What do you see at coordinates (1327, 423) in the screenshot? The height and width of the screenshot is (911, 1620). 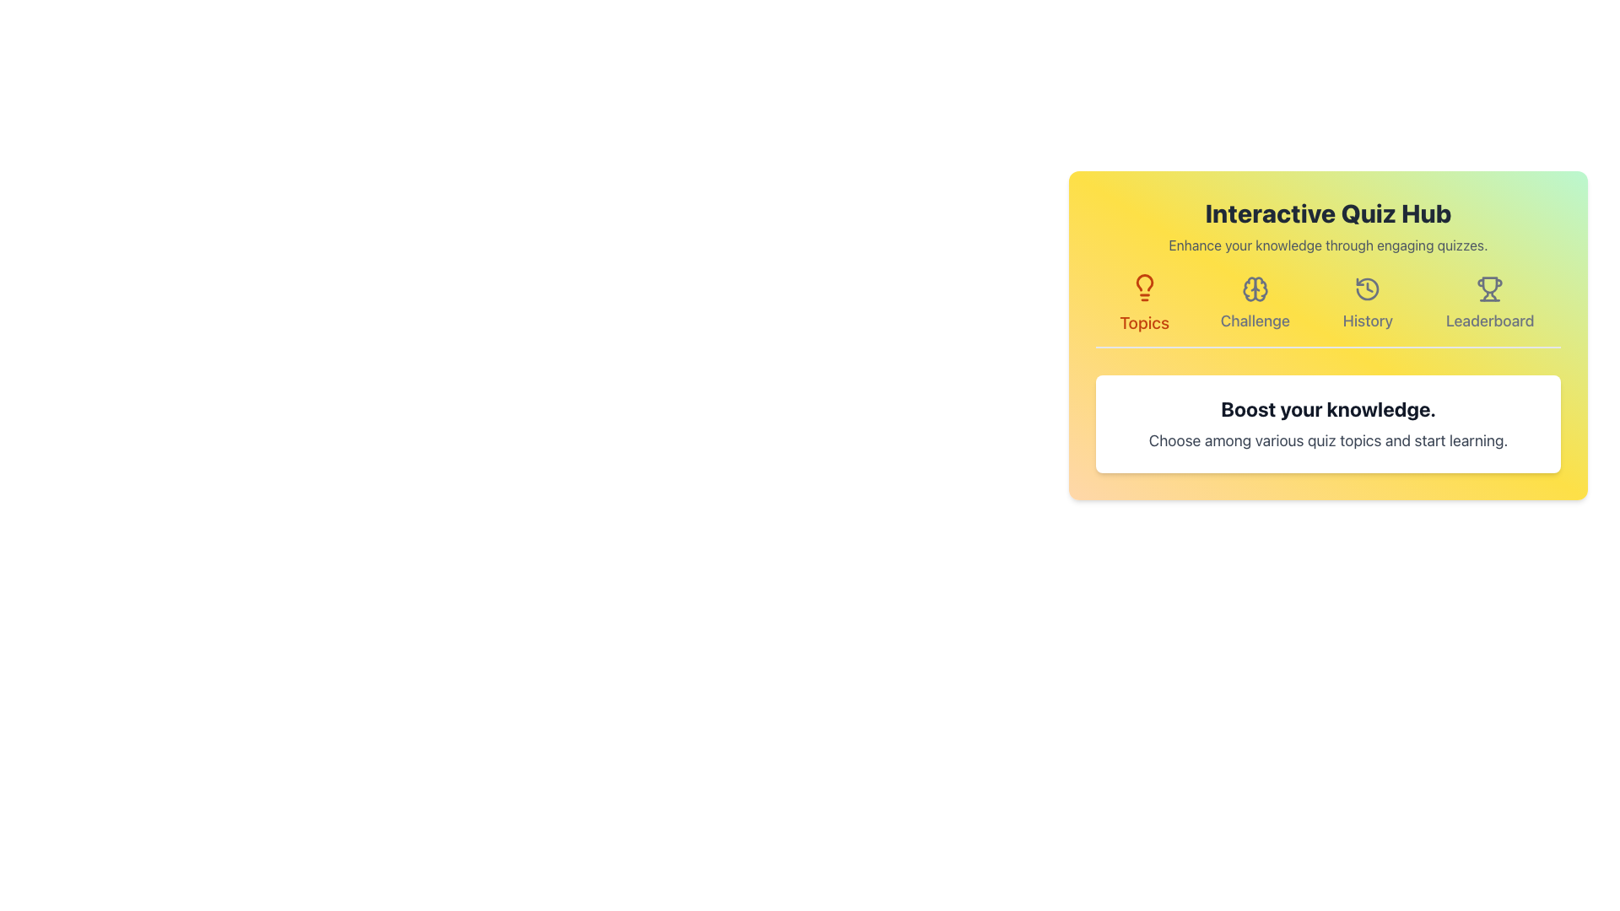 I see `the Information Box containing the header 'Boost your knowledge.' and the text 'Choose among various quiz topics and start learning.'` at bounding box center [1327, 423].